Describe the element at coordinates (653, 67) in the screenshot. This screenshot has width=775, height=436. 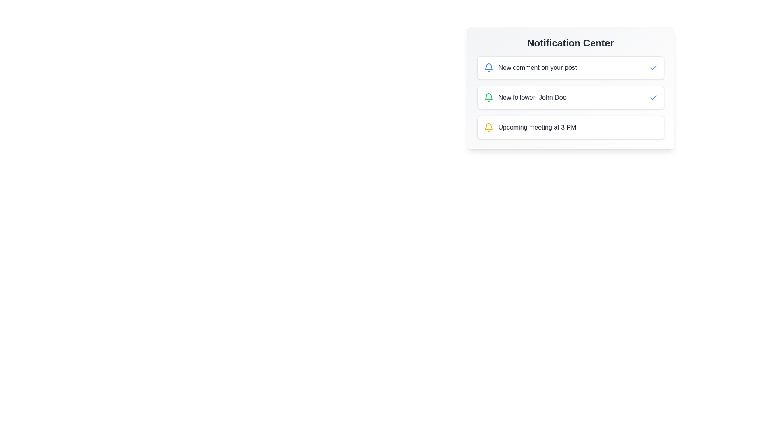
I see `the interactive confirmation icon button located at the right end of the notification row to change its color` at that location.